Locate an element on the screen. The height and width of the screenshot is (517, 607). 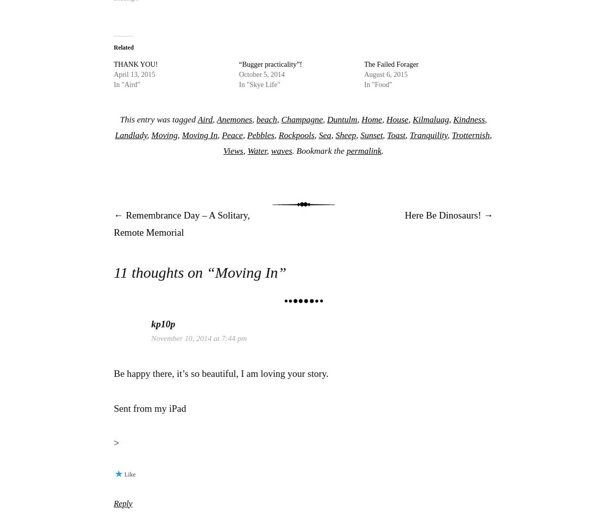
'Post navigation' is located at coordinates (185, 239).